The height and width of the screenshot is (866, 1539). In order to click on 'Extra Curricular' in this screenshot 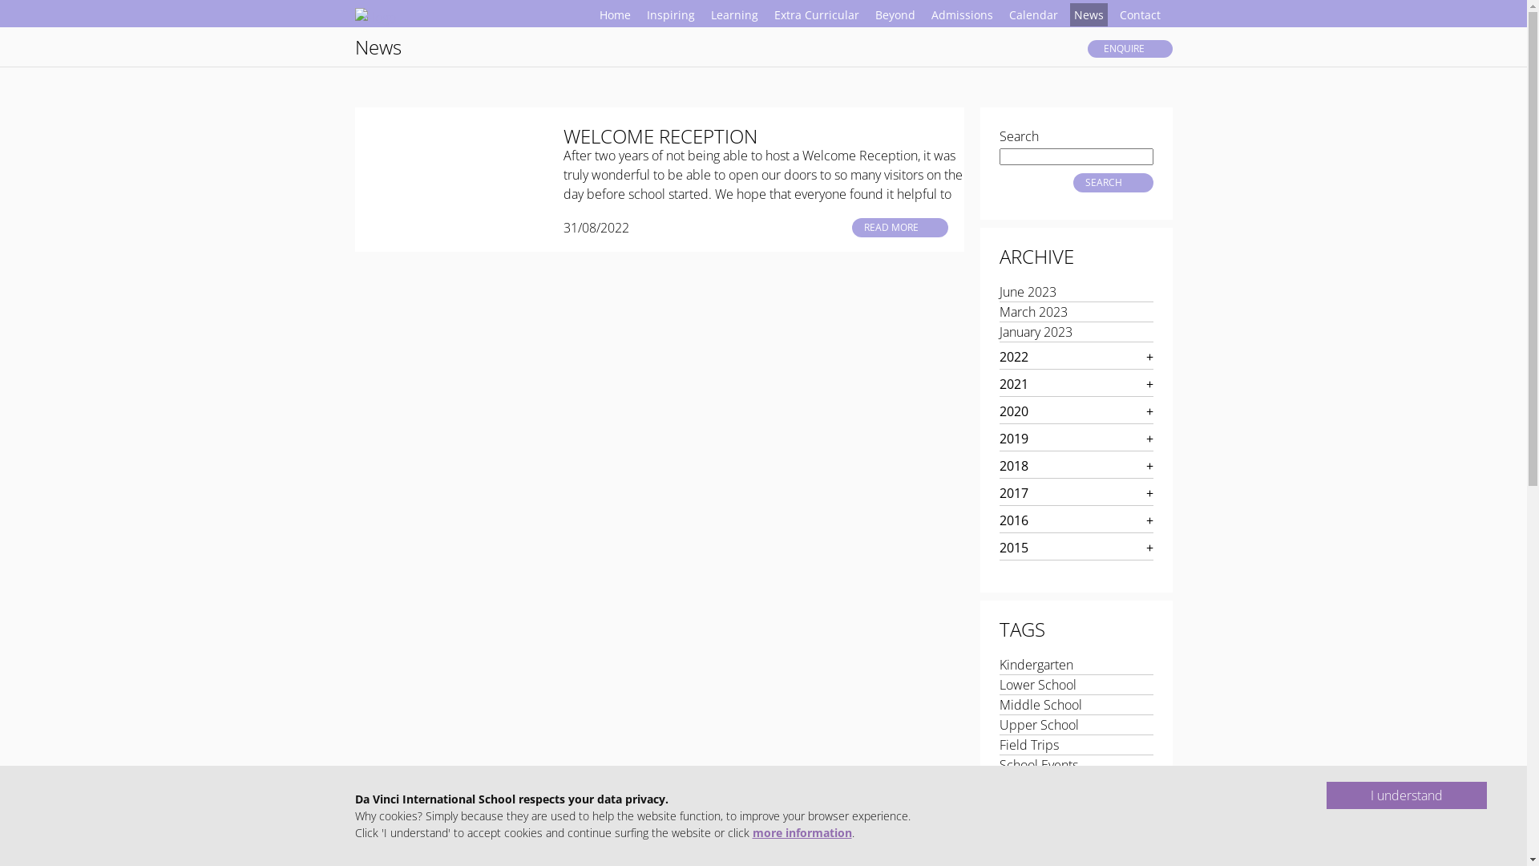, I will do `click(815, 14)`.